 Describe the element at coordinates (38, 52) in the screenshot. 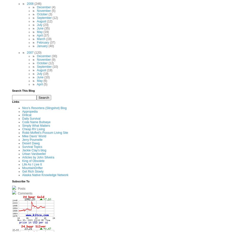

I see `'(120)'` at that location.